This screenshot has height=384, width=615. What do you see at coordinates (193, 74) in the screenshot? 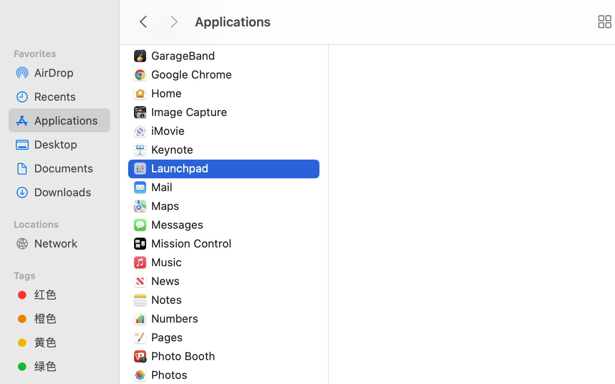
I see `'Google Chrome'` at bounding box center [193, 74].